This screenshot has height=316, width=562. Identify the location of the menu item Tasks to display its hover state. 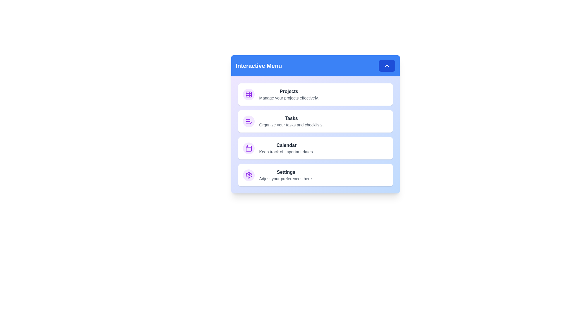
(315, 121).